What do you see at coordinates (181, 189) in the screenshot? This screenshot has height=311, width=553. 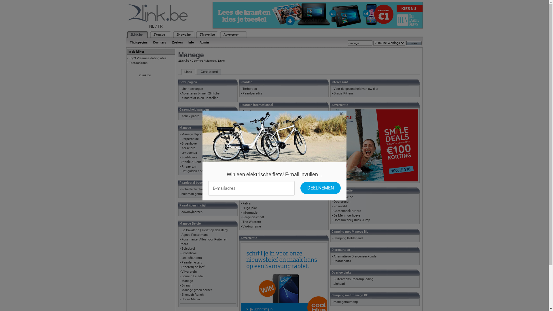 I see `'Schaffertuinhuizen en paardenstallen'` at bounding box center [181, 189].